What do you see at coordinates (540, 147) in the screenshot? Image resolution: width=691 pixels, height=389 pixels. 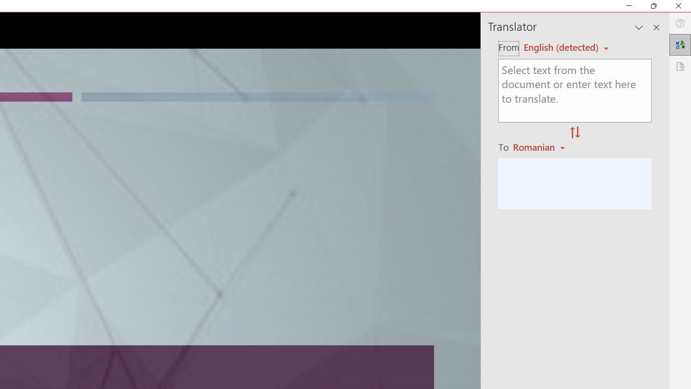 I see `'Romanian'` at bounding box center [540, 147].